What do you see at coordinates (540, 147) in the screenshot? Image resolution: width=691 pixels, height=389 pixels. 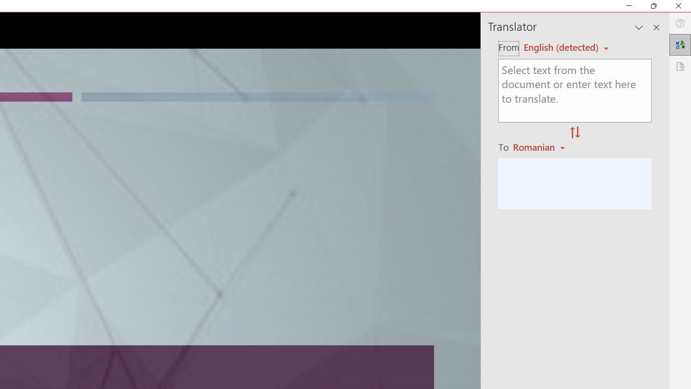 I see `'Romanian'` at bounding box center [540, 147].